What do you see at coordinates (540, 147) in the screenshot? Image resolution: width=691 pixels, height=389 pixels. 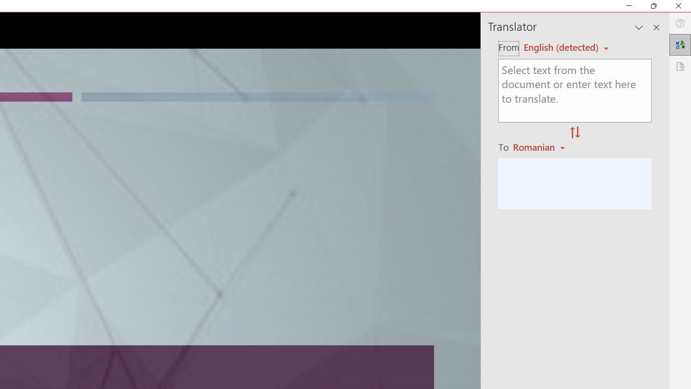 I see `'Romanian'` at bounding box center [540, 147].